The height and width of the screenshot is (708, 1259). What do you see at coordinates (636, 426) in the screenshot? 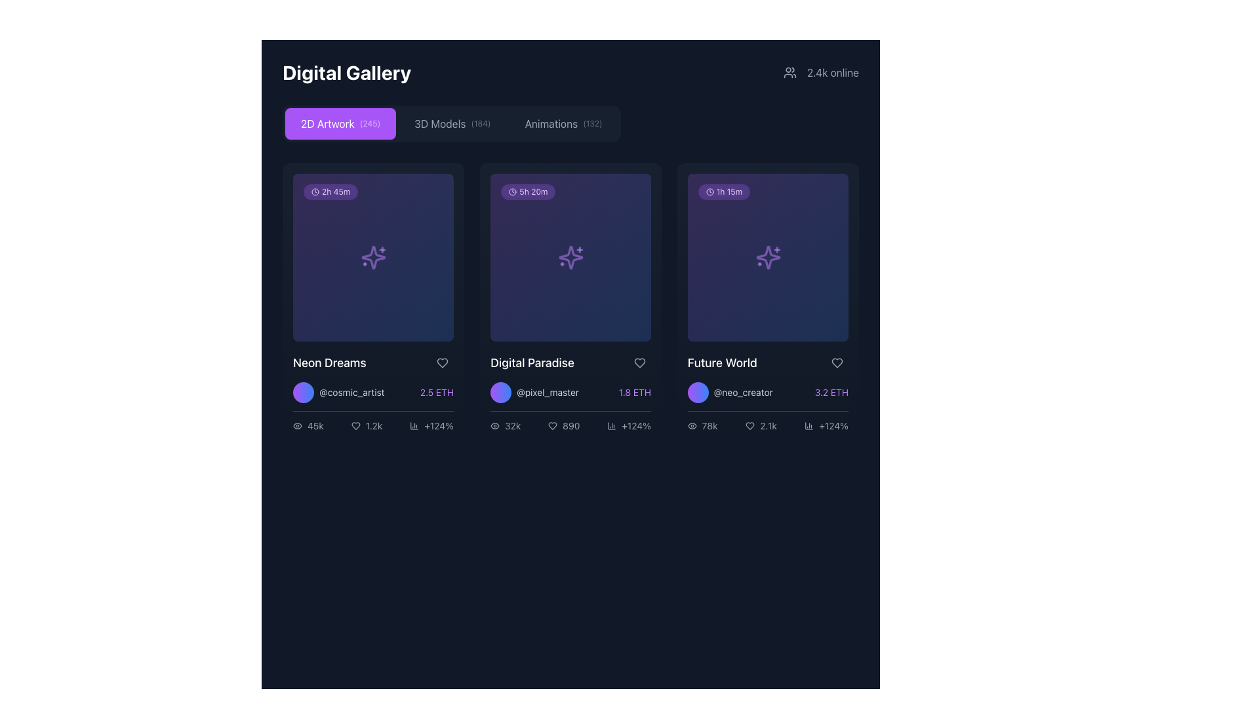
I see `the text label displaying '+124%' in bold white font located at the bottom-right corner of the second card (Digital Paradise)` at bounding box center [636, 426].